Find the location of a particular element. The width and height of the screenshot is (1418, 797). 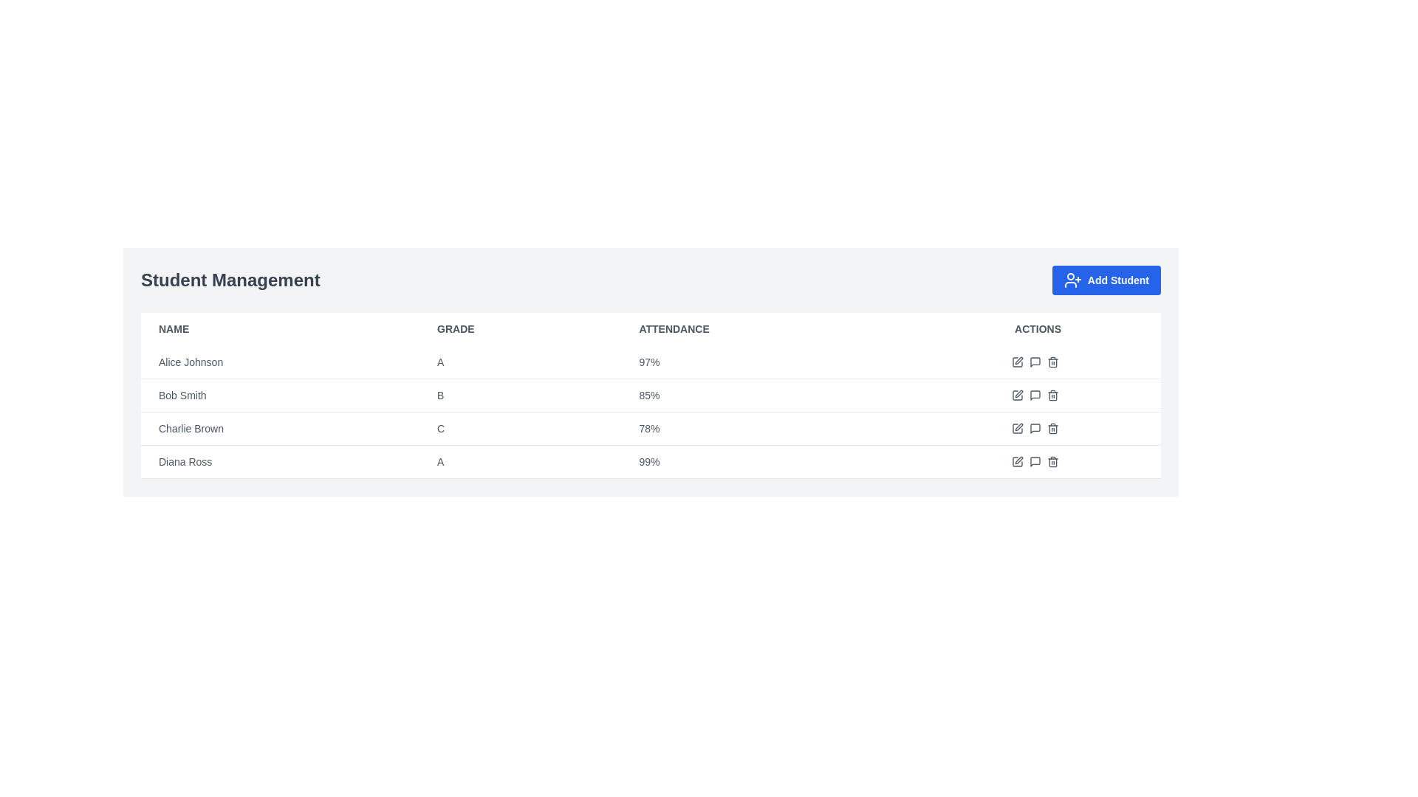

the Icon button located in the 'Actions' column for 'Bob Smith', which is the second action icon in the sequence is located at coordinates (1037, 395).